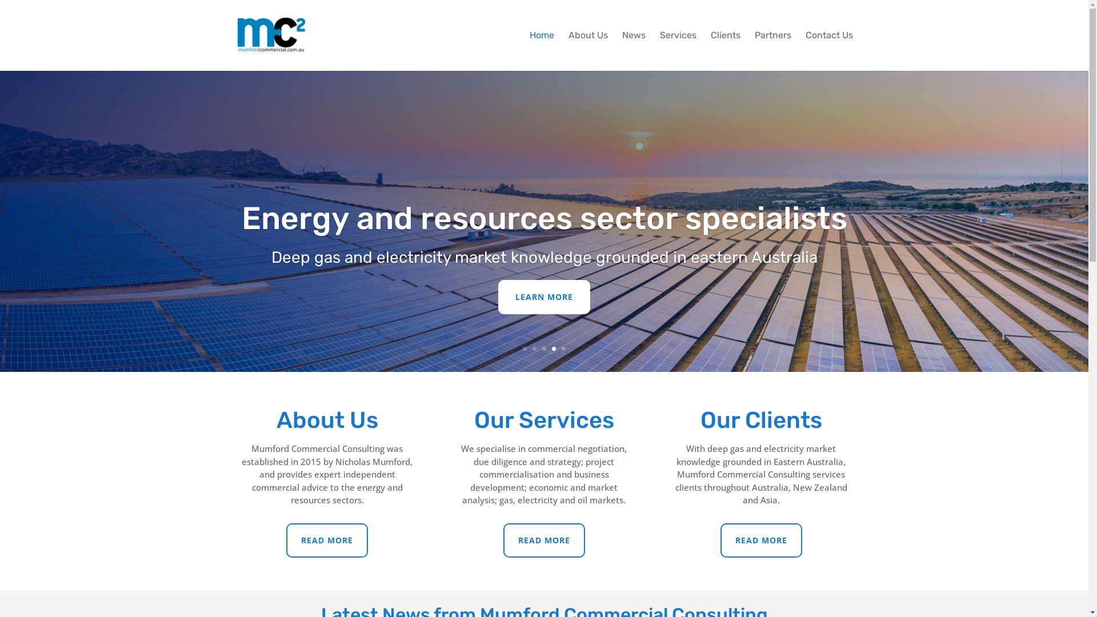 The width and height of the screenshot is (1097, 617). I want to click on '4', so click(554, 348).